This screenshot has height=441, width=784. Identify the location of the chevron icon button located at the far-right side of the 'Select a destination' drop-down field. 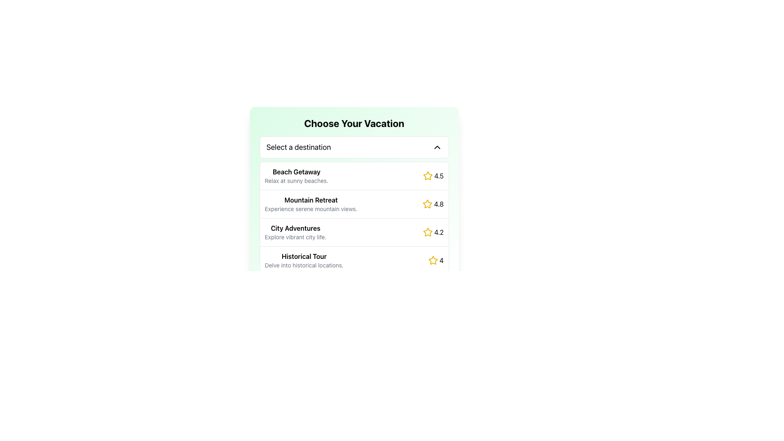
(437, 147).